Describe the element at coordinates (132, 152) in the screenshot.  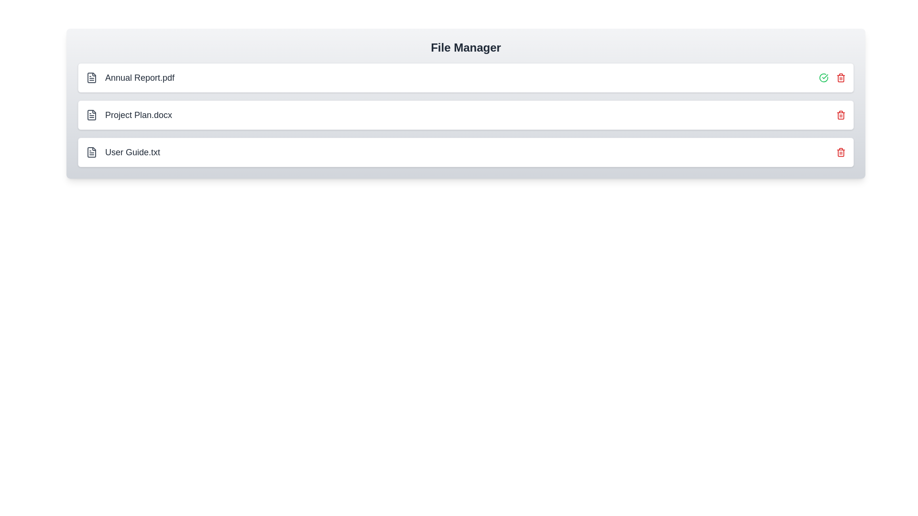
I see `the text label displaying 'User Guide.txt' for accessibility purposes` at that location.